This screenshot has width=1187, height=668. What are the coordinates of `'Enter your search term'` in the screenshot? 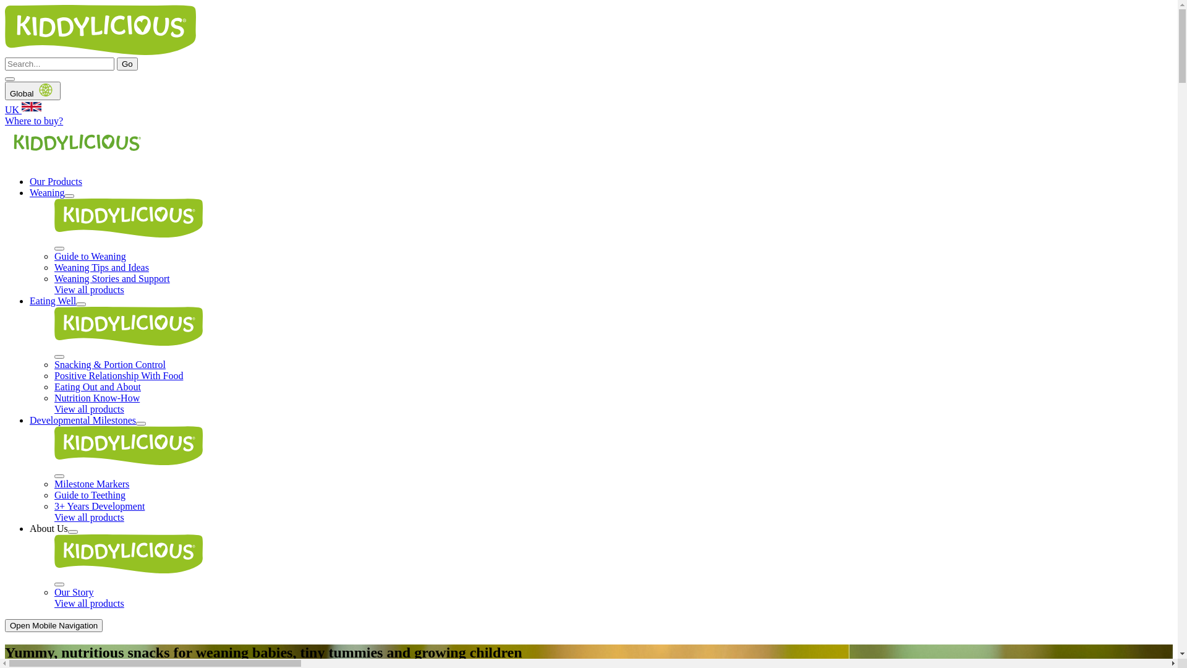 It's located at (5, 64).